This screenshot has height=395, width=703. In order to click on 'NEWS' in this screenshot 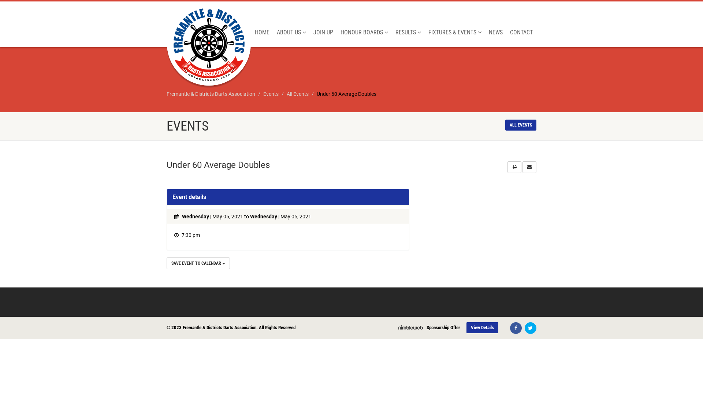, I will do `click(495, 32)`.